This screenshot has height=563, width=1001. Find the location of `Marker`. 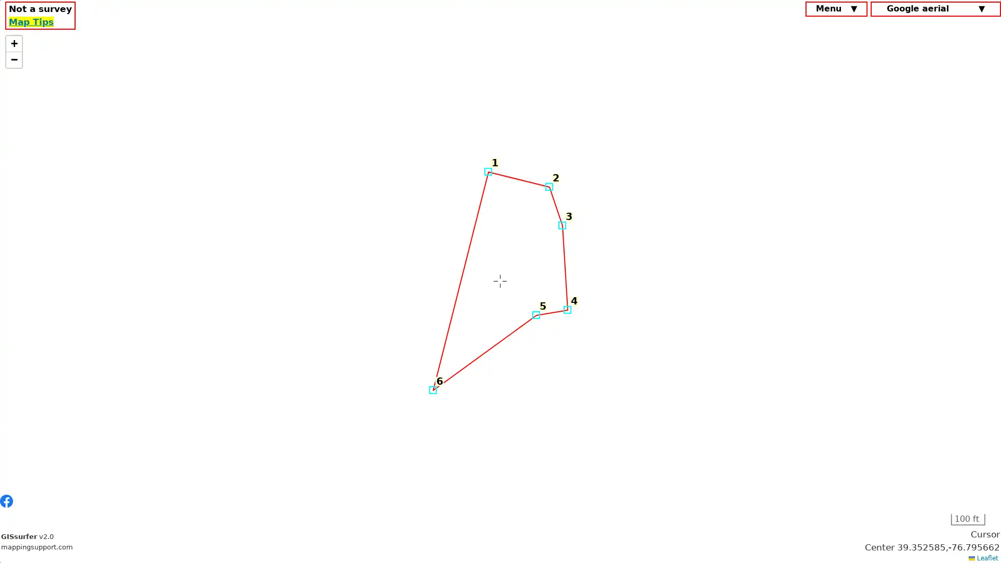

Marker is located at coordinates (567, 309).